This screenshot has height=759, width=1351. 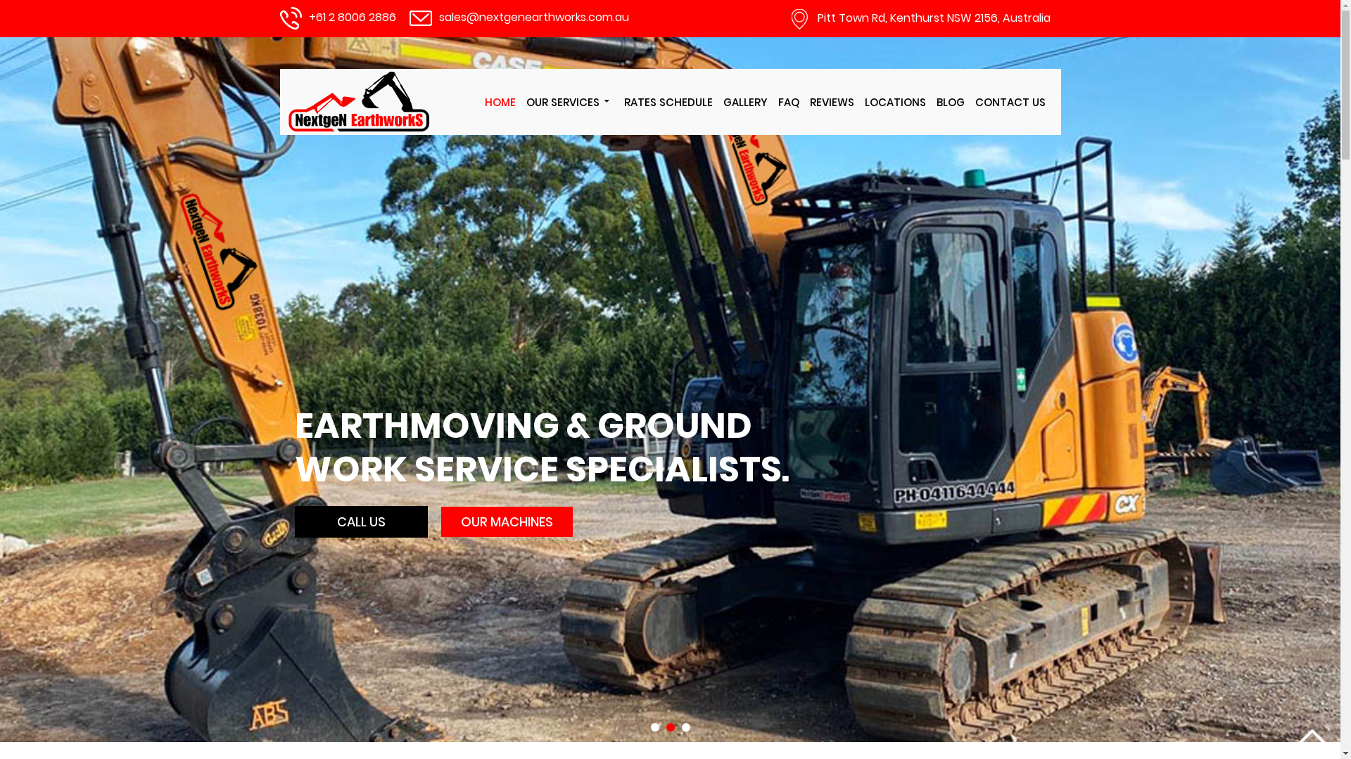 I want to click on 'LOCATIONS', so click(x=894, y=101).